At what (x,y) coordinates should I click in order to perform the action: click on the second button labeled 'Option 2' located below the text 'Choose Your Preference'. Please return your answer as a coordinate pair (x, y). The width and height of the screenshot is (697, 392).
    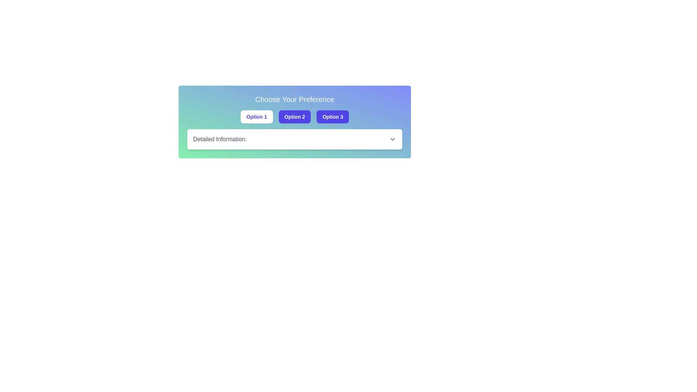
    Looking at the image, I should click on (294, 121).